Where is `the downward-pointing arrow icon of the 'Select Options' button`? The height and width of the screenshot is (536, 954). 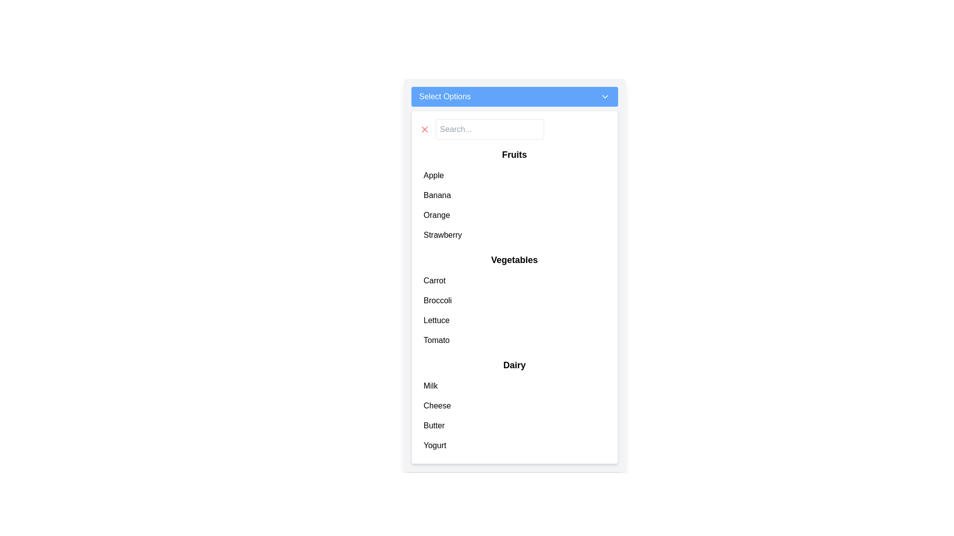 the downward-pointing arrow icon of the 'Select Options' button is located at coordinates (604, 97).